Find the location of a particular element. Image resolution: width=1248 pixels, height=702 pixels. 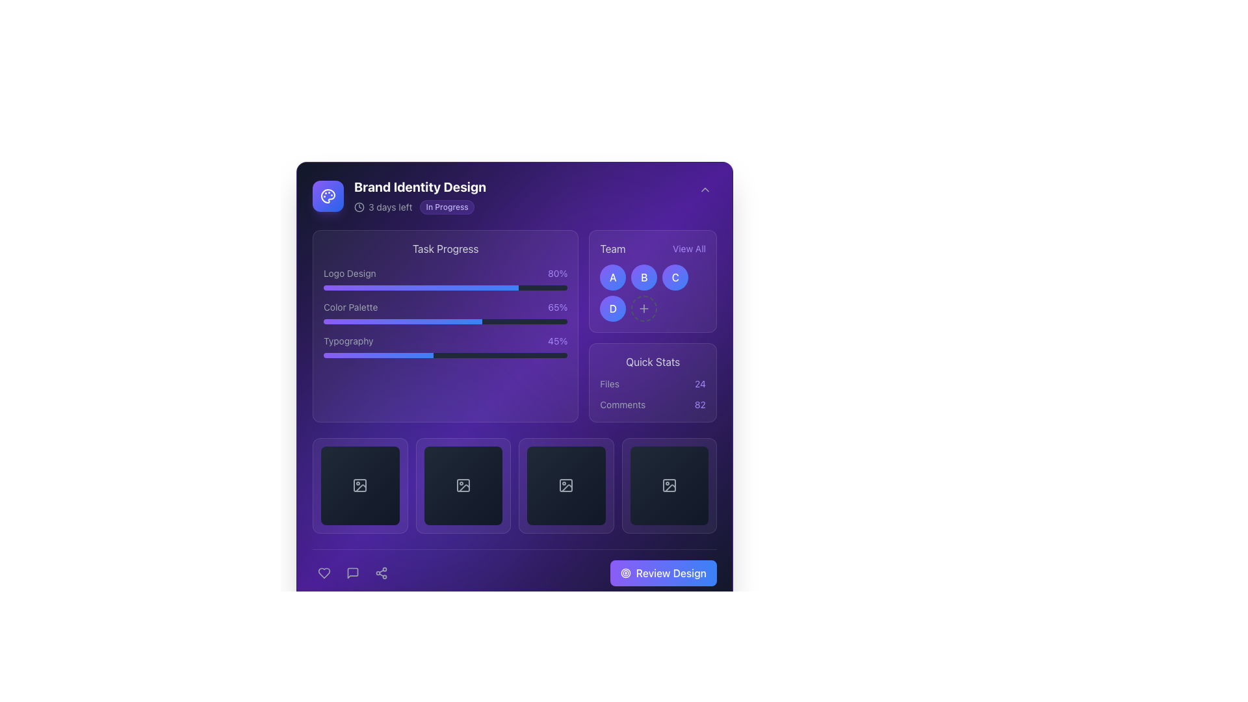

the outermost SVG Circle element, which is part of a concentric circle pattern located near the bottom-right of the interface is located at coordinates (625, 572).